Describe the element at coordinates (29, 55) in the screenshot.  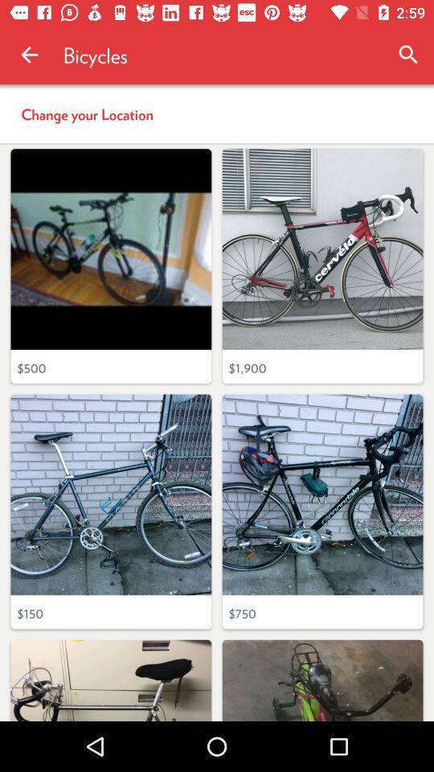
I see `the app next to bicycles item` at that location.